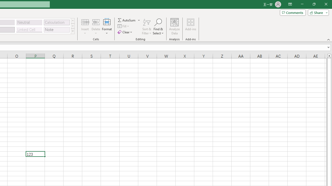 This screenshot has height=186, width=332. What do you see at coordinates (329, 56) in the screenshot?
I see `'Line up'` at bounding box center [329, 56].